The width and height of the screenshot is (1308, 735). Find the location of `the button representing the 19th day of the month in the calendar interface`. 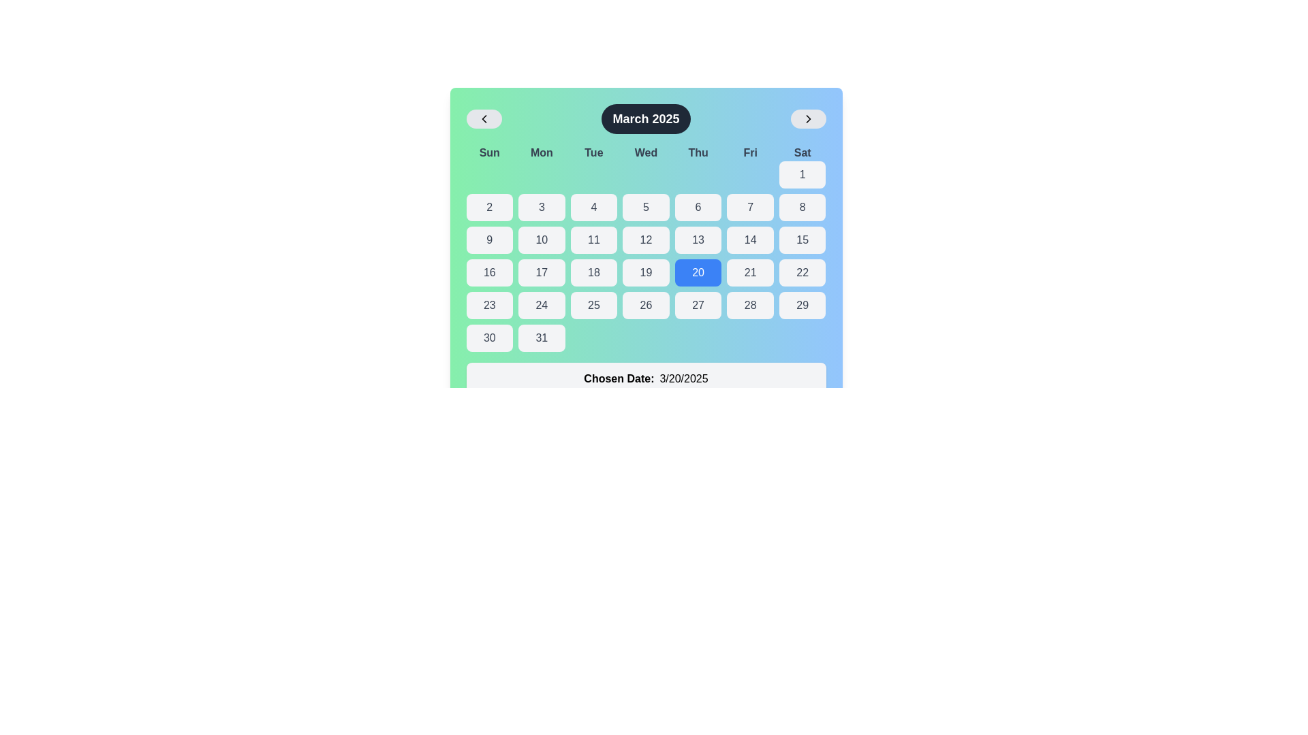

the button representing the 19th day of the month in the calendar interface is located at coordinates (645, 273).